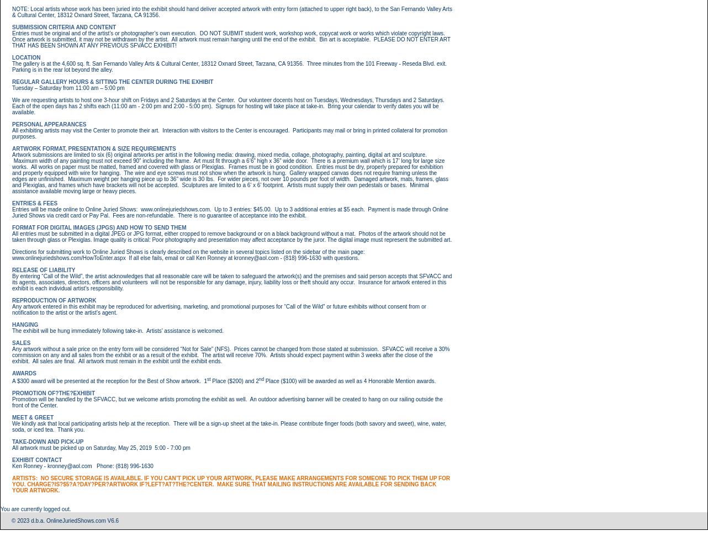  Describe the element at coordinates (188, 254) in the screenshot. I see `'Directions for submitting work to Online Juried Shows is clearly described on the website in several topics listed on the sidebar of the main page: www.onlinejuriedshows.com/HowToEnter.aspx'` at that location.